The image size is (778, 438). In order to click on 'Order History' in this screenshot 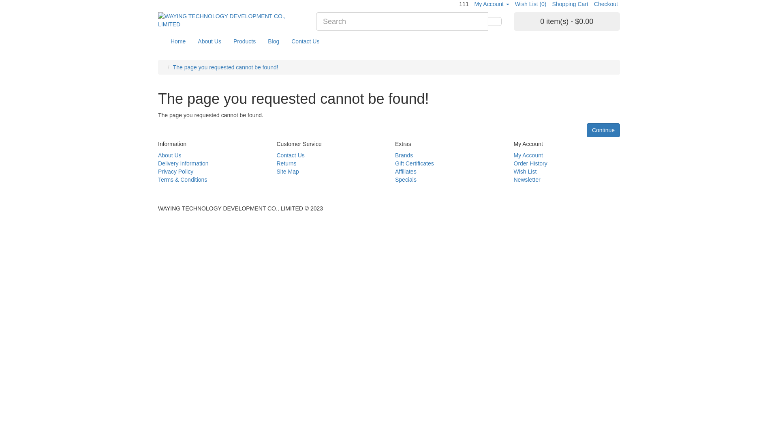, I will do `click(530, 163)`.